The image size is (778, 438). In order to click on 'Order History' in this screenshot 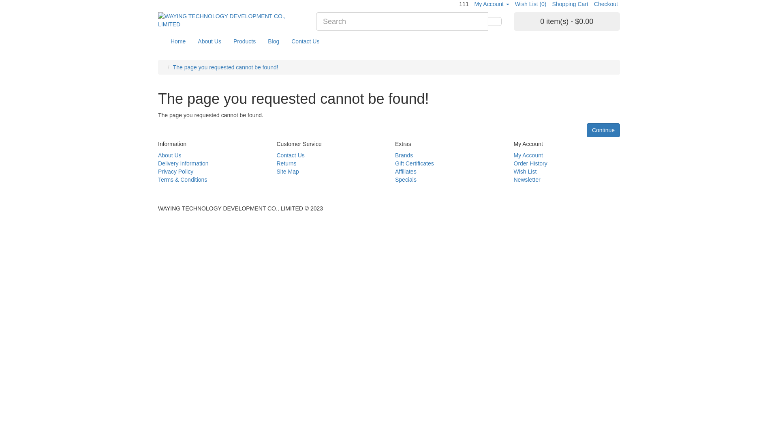, I will do `click(530, 163)`.